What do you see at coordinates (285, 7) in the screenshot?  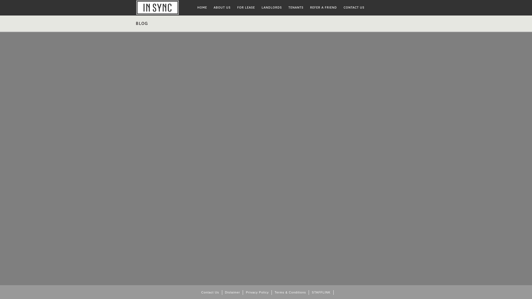 I see `'TENANTS'` at bounding box center [285, 7].